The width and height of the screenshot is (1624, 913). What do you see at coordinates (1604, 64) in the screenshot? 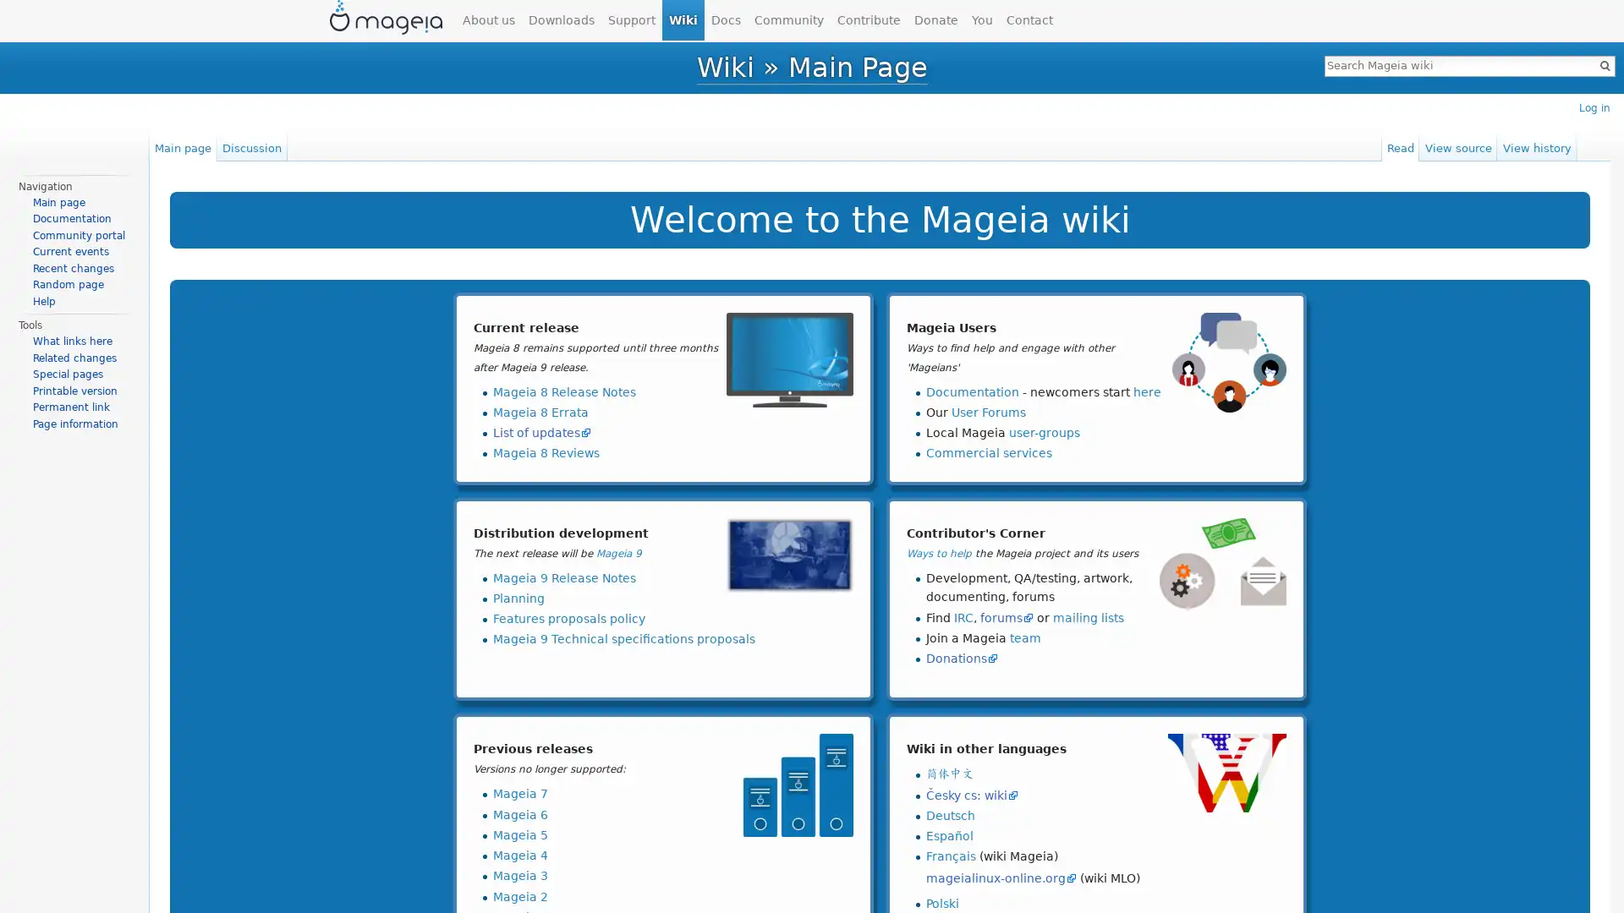
I see `Go` at bounding box center [1604, 64].